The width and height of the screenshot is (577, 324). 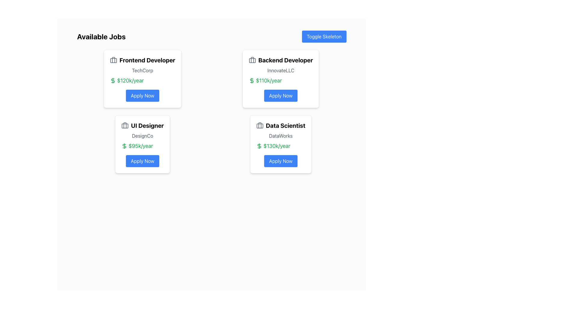 I want to click on the Text label (Heading) that serves as a non-interactive descriptive heading for the section, located to the immediate left of the 'Toggle Skeleton' button, so click(x=101, y=37).